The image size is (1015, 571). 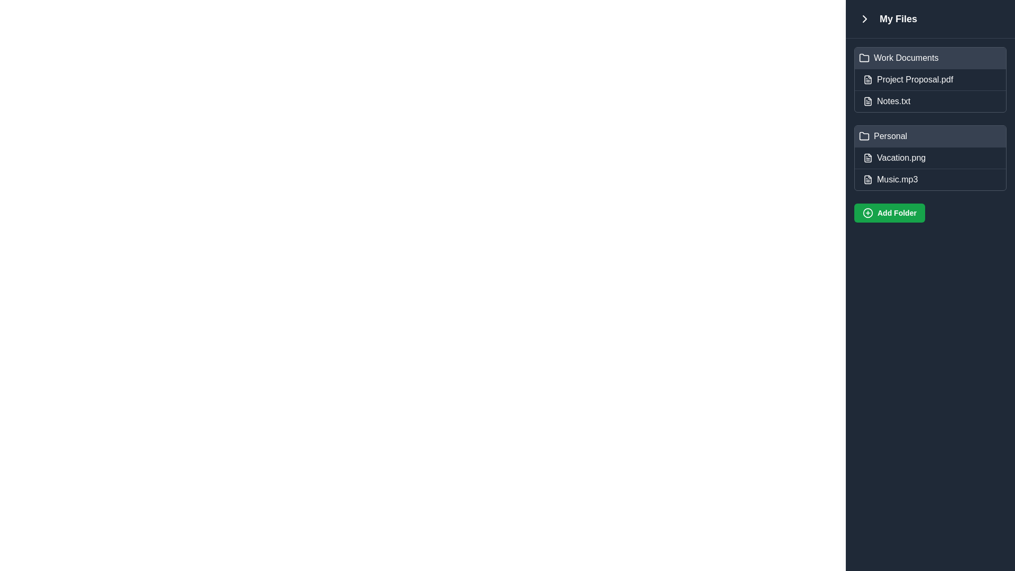 I want to click on the 'Personal' folder item, so click(x=930, y=136).